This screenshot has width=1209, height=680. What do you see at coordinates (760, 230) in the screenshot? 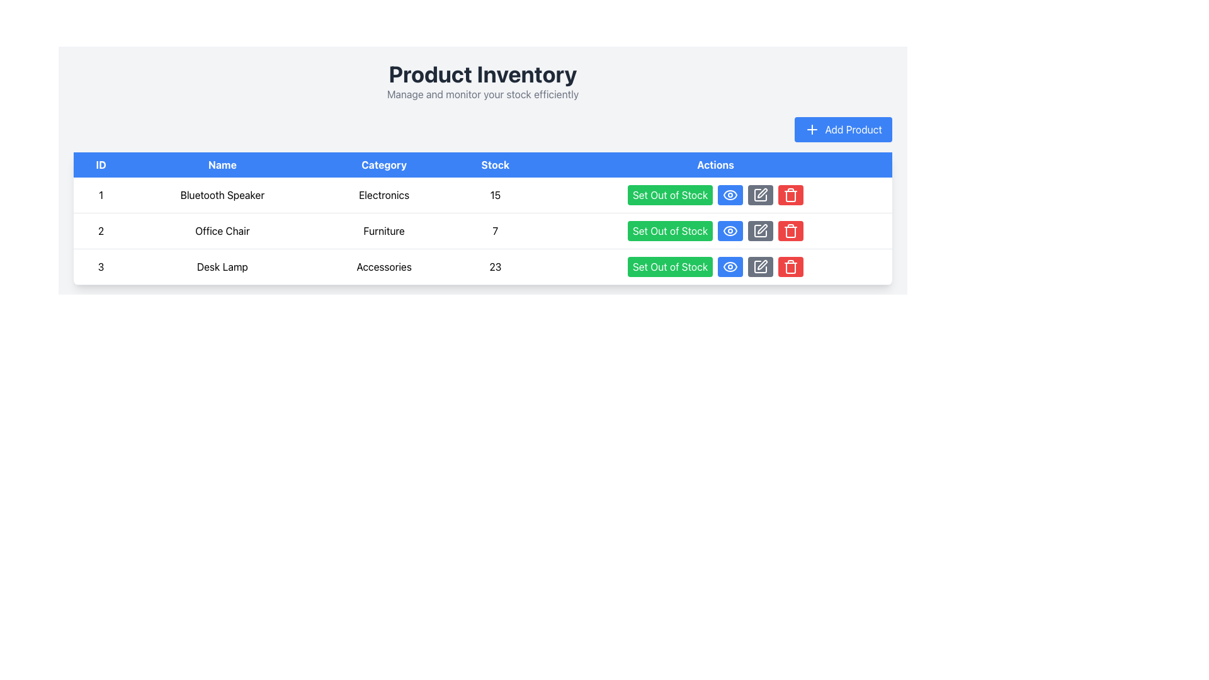
I see `the edit button, represented by a square icon with a pen, located in the actions column of the third row for the product 'Desk Lamp', to initiate the edit function` at bounding box center [760, 230].